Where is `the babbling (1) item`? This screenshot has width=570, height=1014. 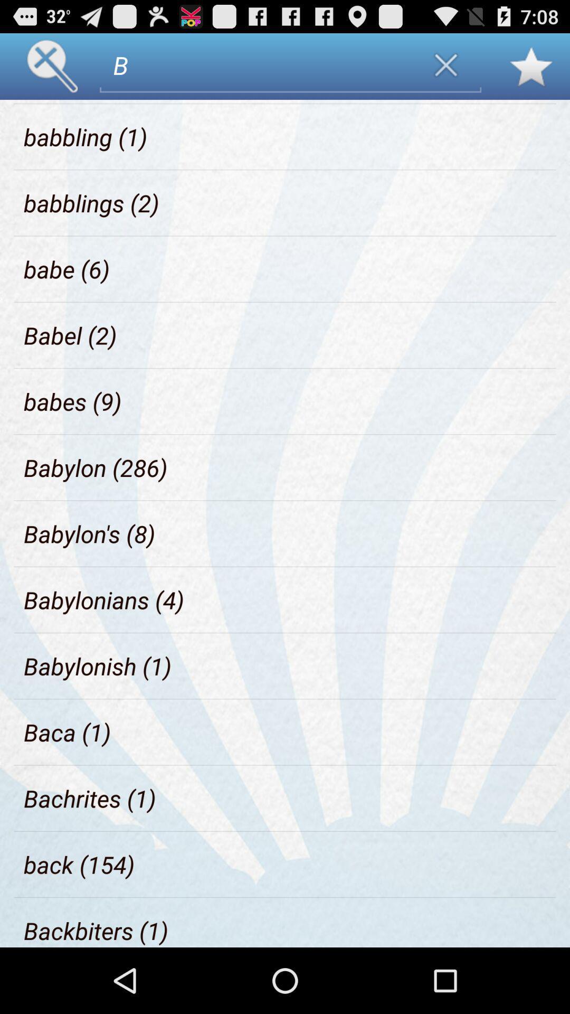 the babbling (1) item is located at coordinates (85, 136).